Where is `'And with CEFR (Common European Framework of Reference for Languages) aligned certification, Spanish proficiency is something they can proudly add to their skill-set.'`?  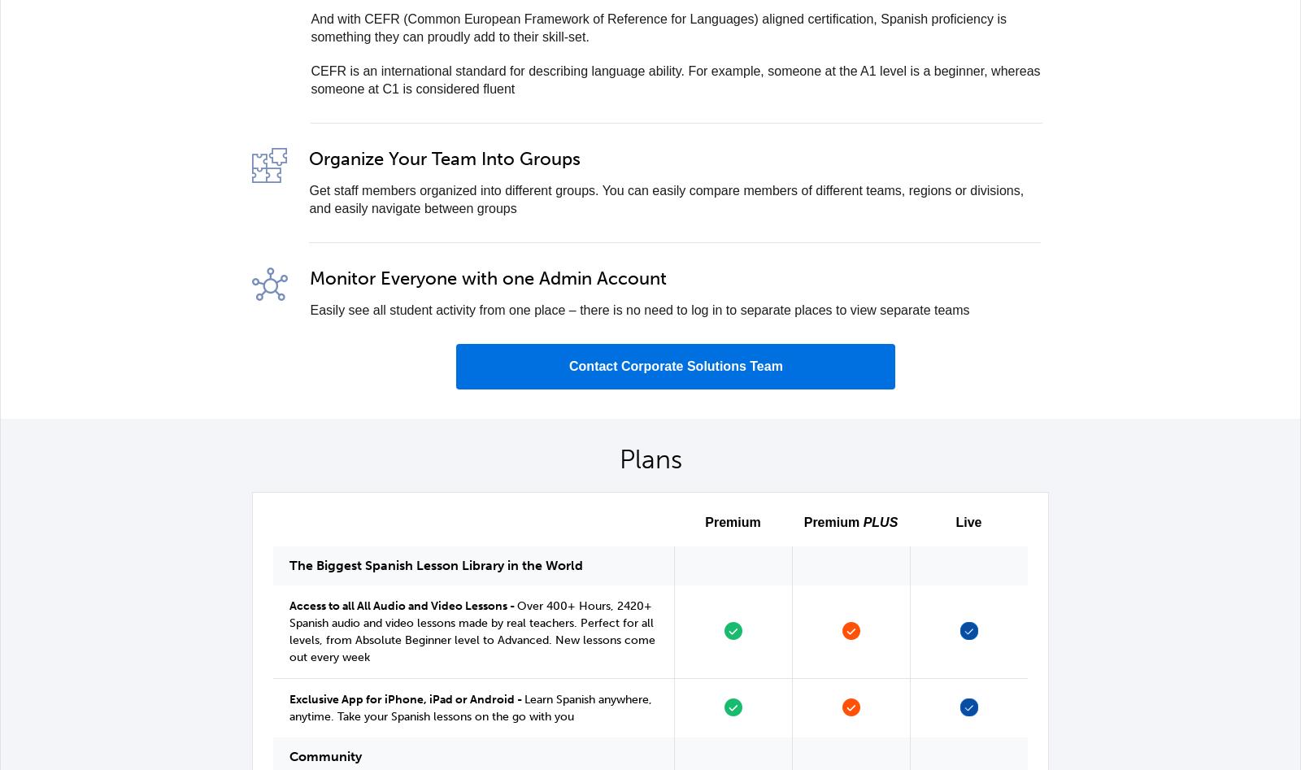
'And with CEFR (Common European Framework of Reference for Languages) aligned certification, Spanish proficiency is something they can proudly add to their skill-set.' is located at coordinates (657, 28).